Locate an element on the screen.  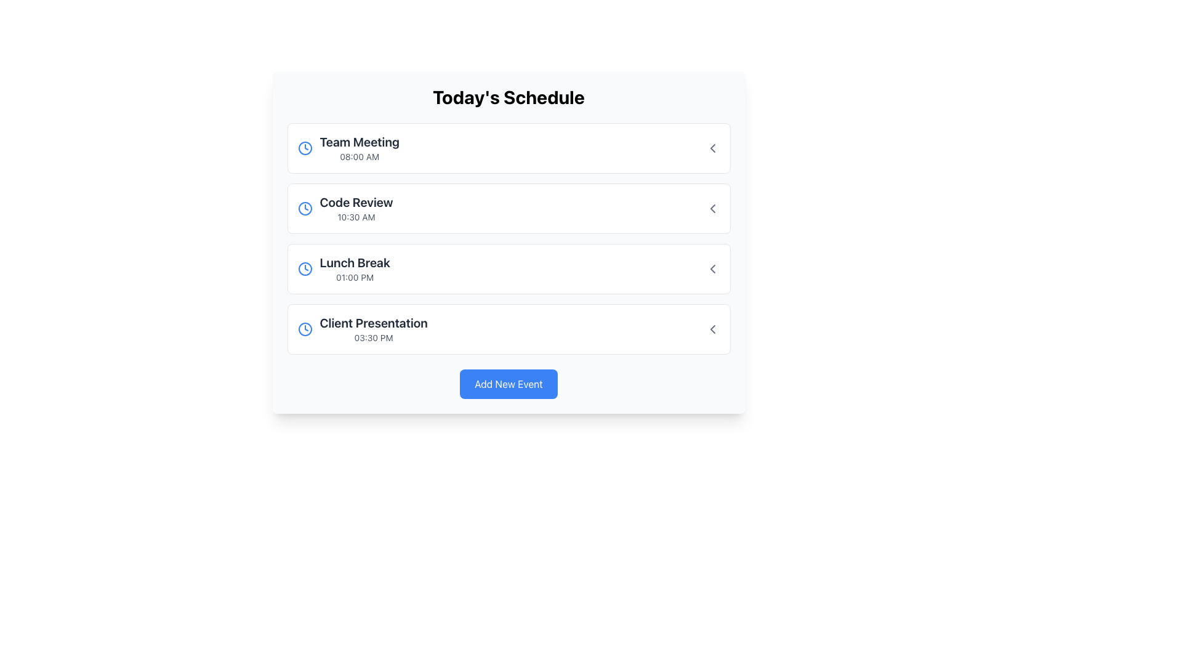
the chevron button associated with the 'Code Review' entry to interact and possibly expand or collapse the section is located at coordinates (712, 208).